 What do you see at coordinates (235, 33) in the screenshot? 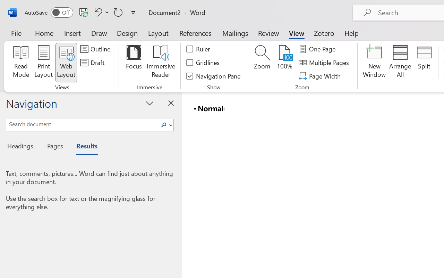
I see `'Mailings'` at bounding box center [235, 33].